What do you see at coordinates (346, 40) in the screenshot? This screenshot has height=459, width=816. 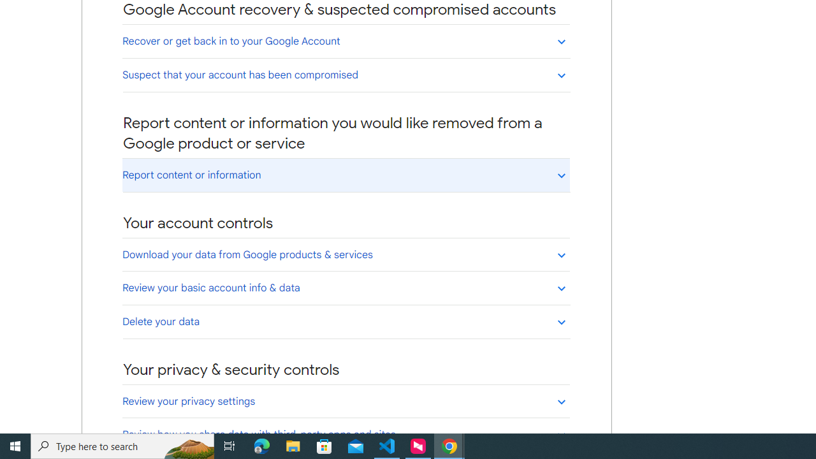 I see `'Recover or get back in to your Google Account'` at bounding box center [346, 40].